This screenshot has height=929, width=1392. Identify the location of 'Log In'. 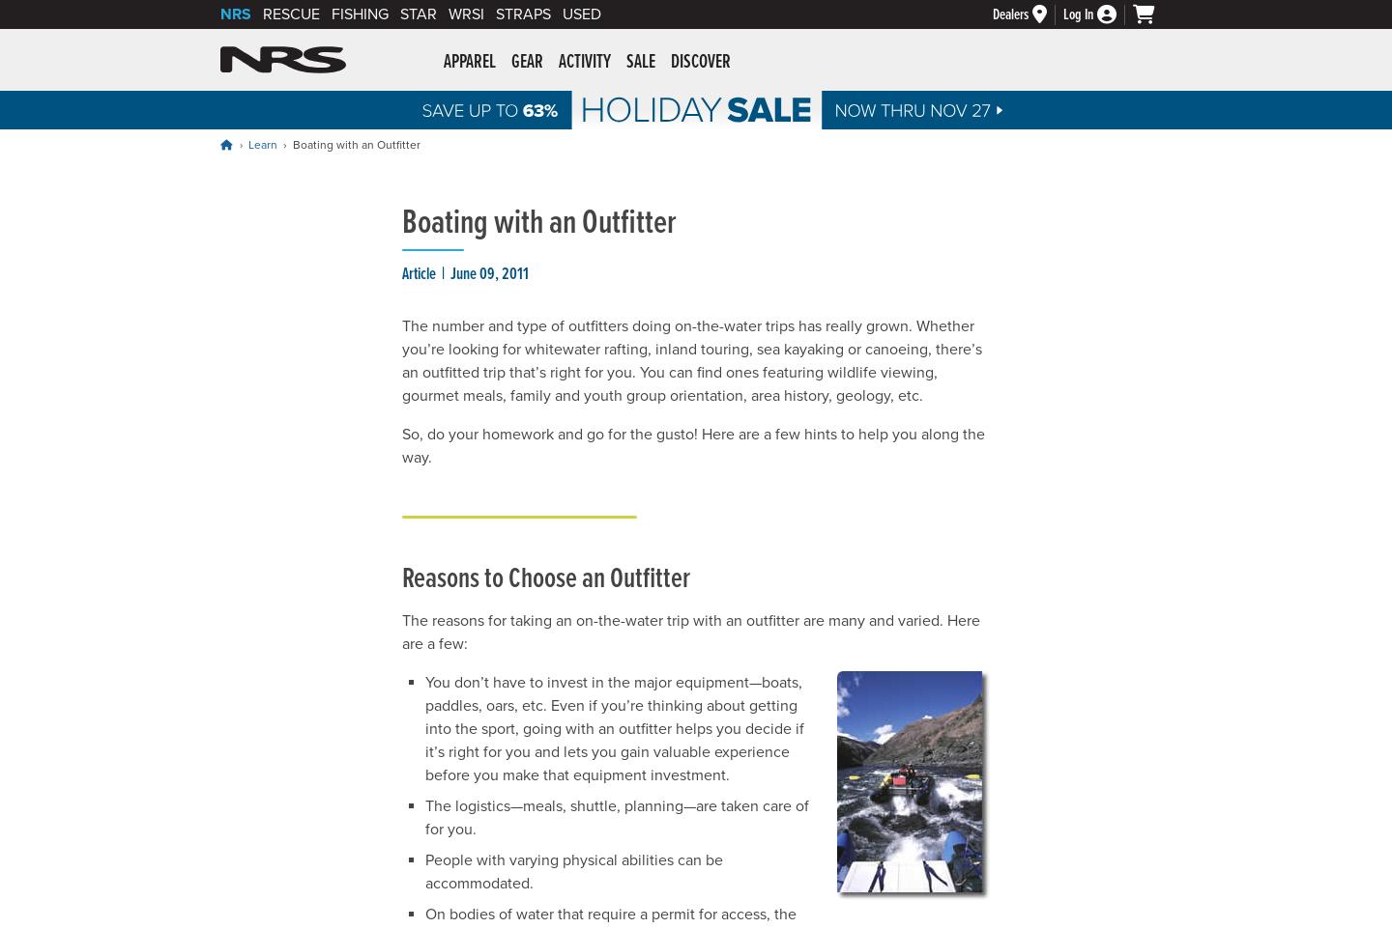
(1077, 13).